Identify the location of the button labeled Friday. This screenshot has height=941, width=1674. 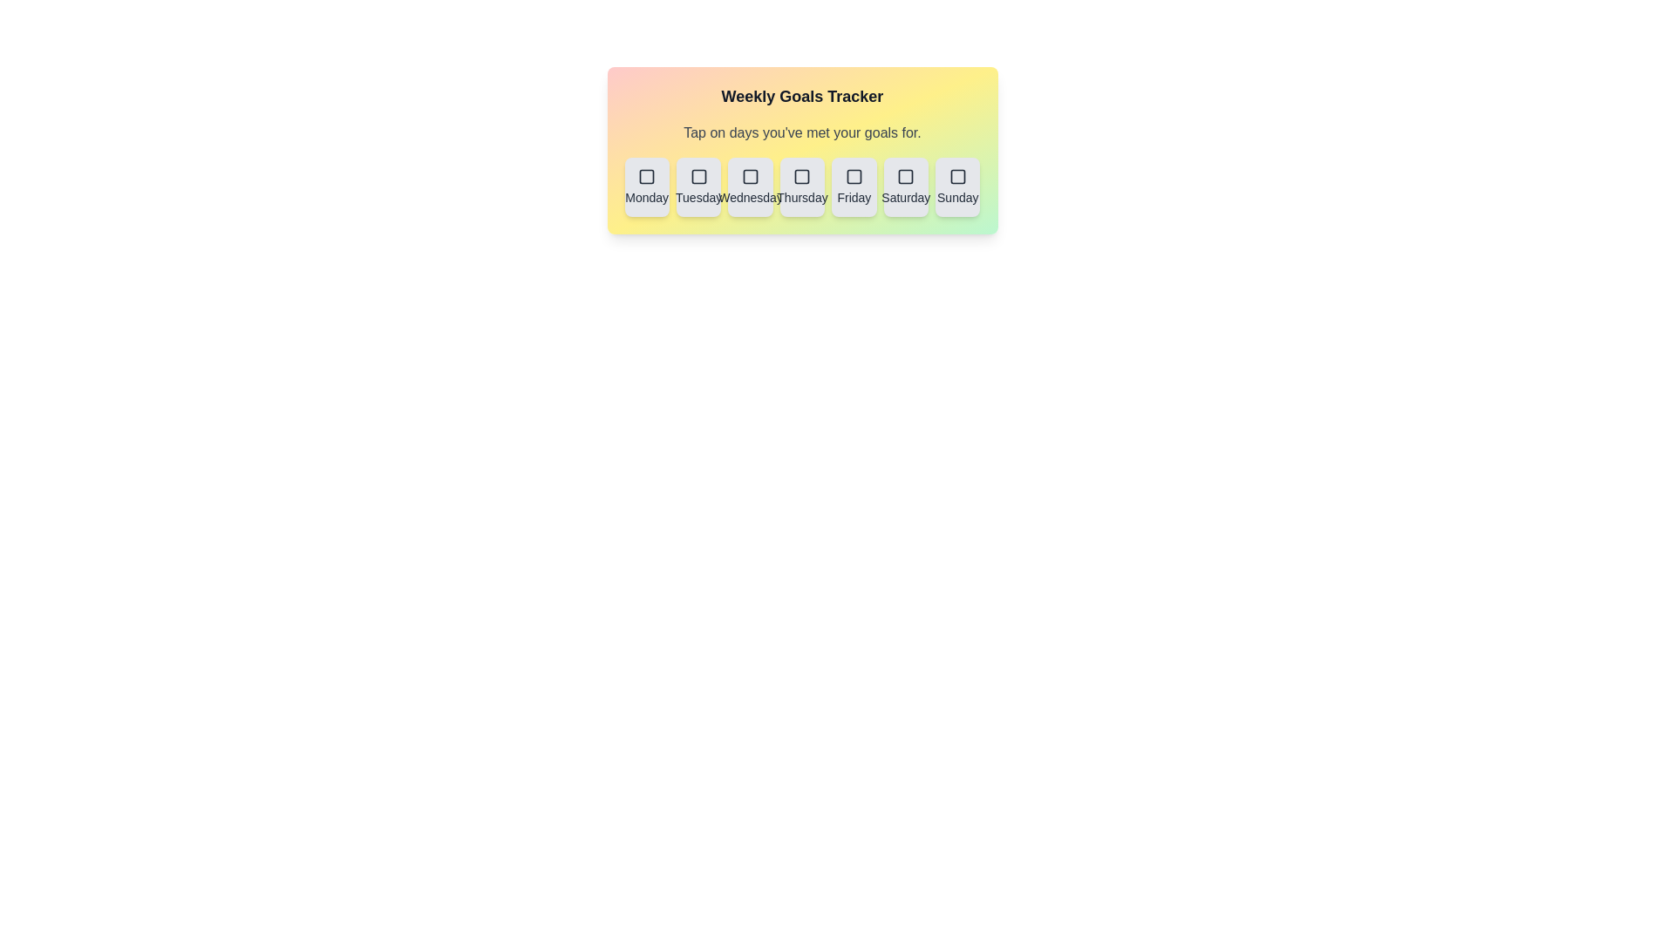
(854, 187).